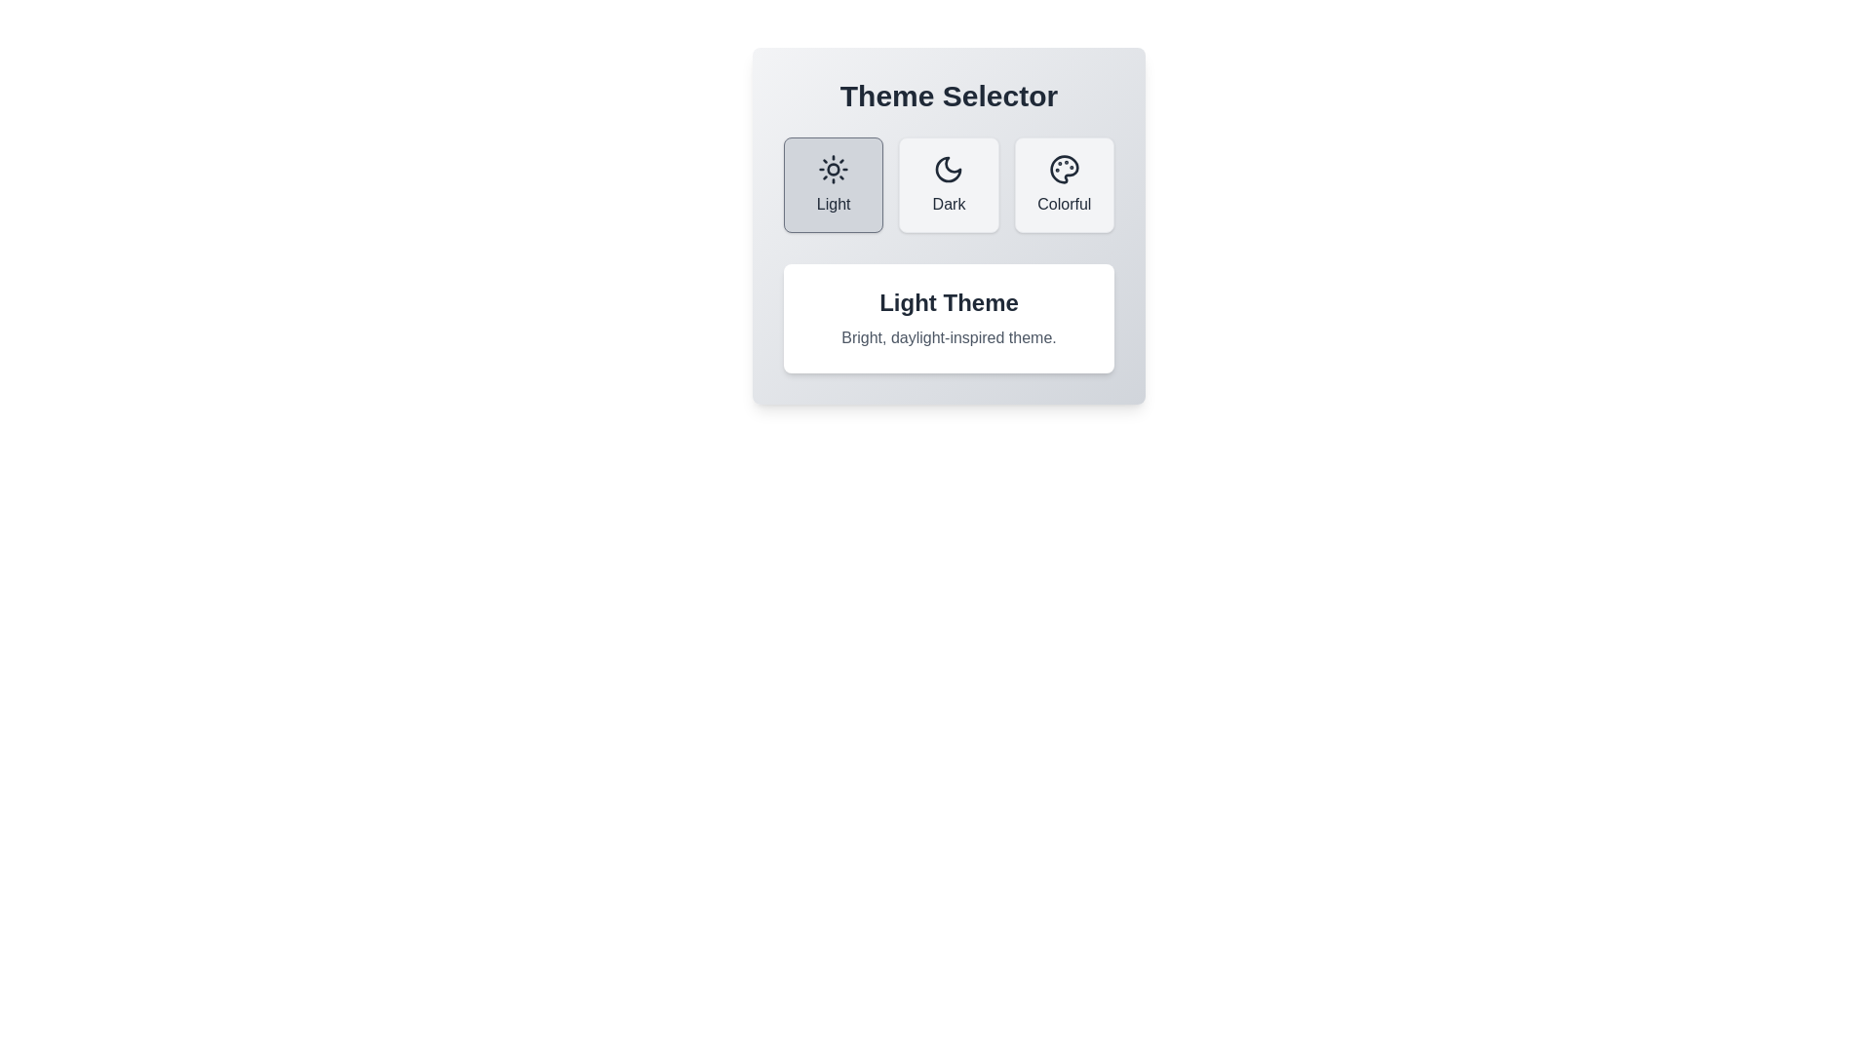  What do you see at coordinates (949, 224) in the screenshot?
I see `the central button labeled 'Dark' in the 'Theme Selector' card interface` at bounding box center [949, 224].